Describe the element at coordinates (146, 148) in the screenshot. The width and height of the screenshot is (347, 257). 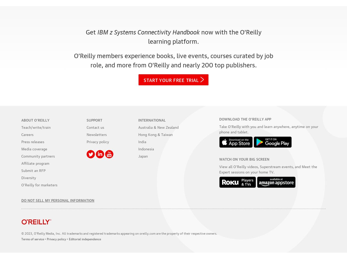
I see `'Indonesia'` at that location.